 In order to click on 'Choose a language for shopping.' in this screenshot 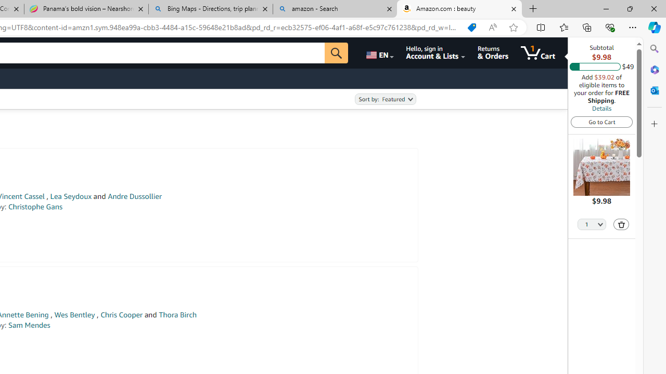, I will do `click(378, 52)`.